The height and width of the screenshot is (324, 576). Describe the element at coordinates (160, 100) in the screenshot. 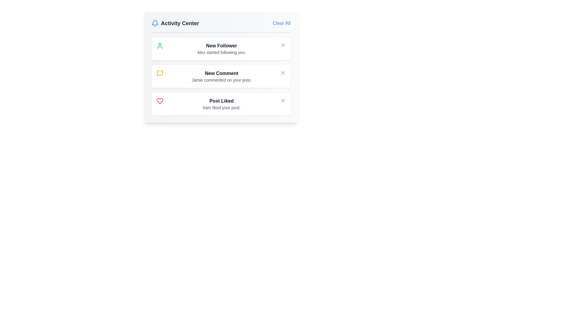

I see `the heart SVG Shape Icon located to the left of the 'Post Liked' text in the third notification entry of the 'Activity Center'` at that location.